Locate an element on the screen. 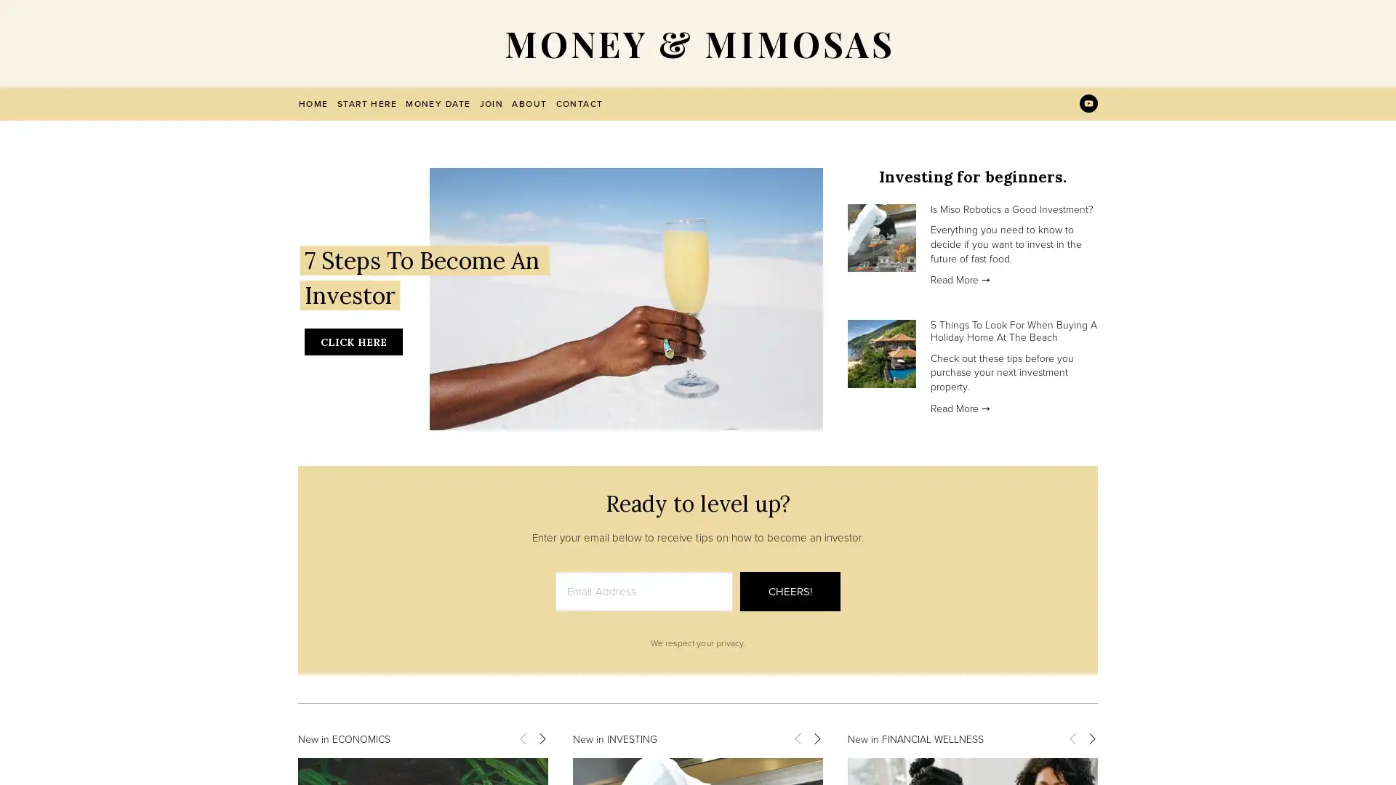  Yes, I love Money & Mimosas. is located at coordinates (834, 434).